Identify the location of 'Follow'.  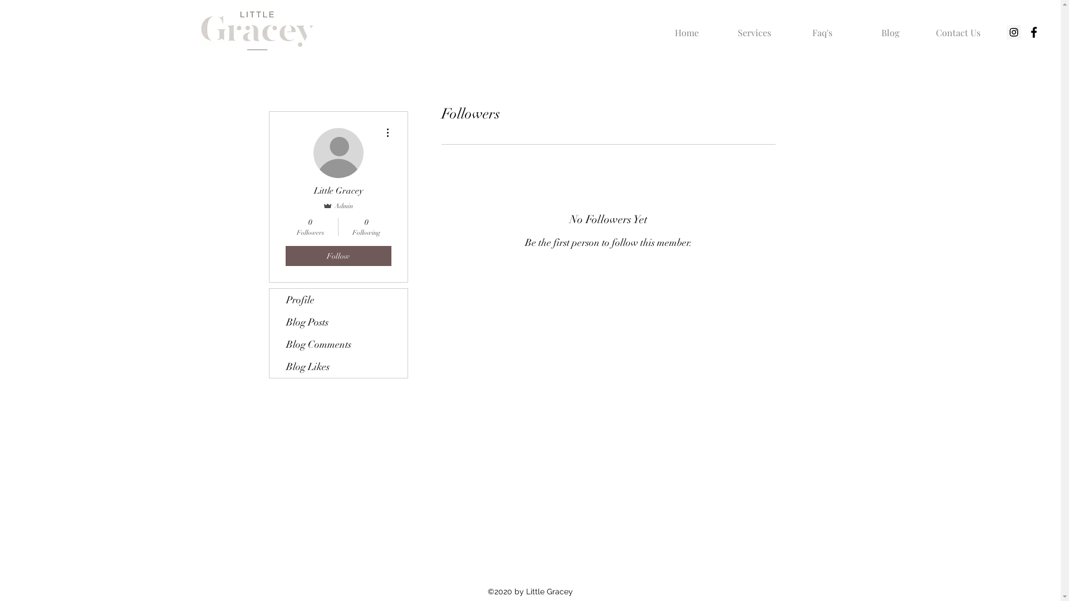
(285, 255).